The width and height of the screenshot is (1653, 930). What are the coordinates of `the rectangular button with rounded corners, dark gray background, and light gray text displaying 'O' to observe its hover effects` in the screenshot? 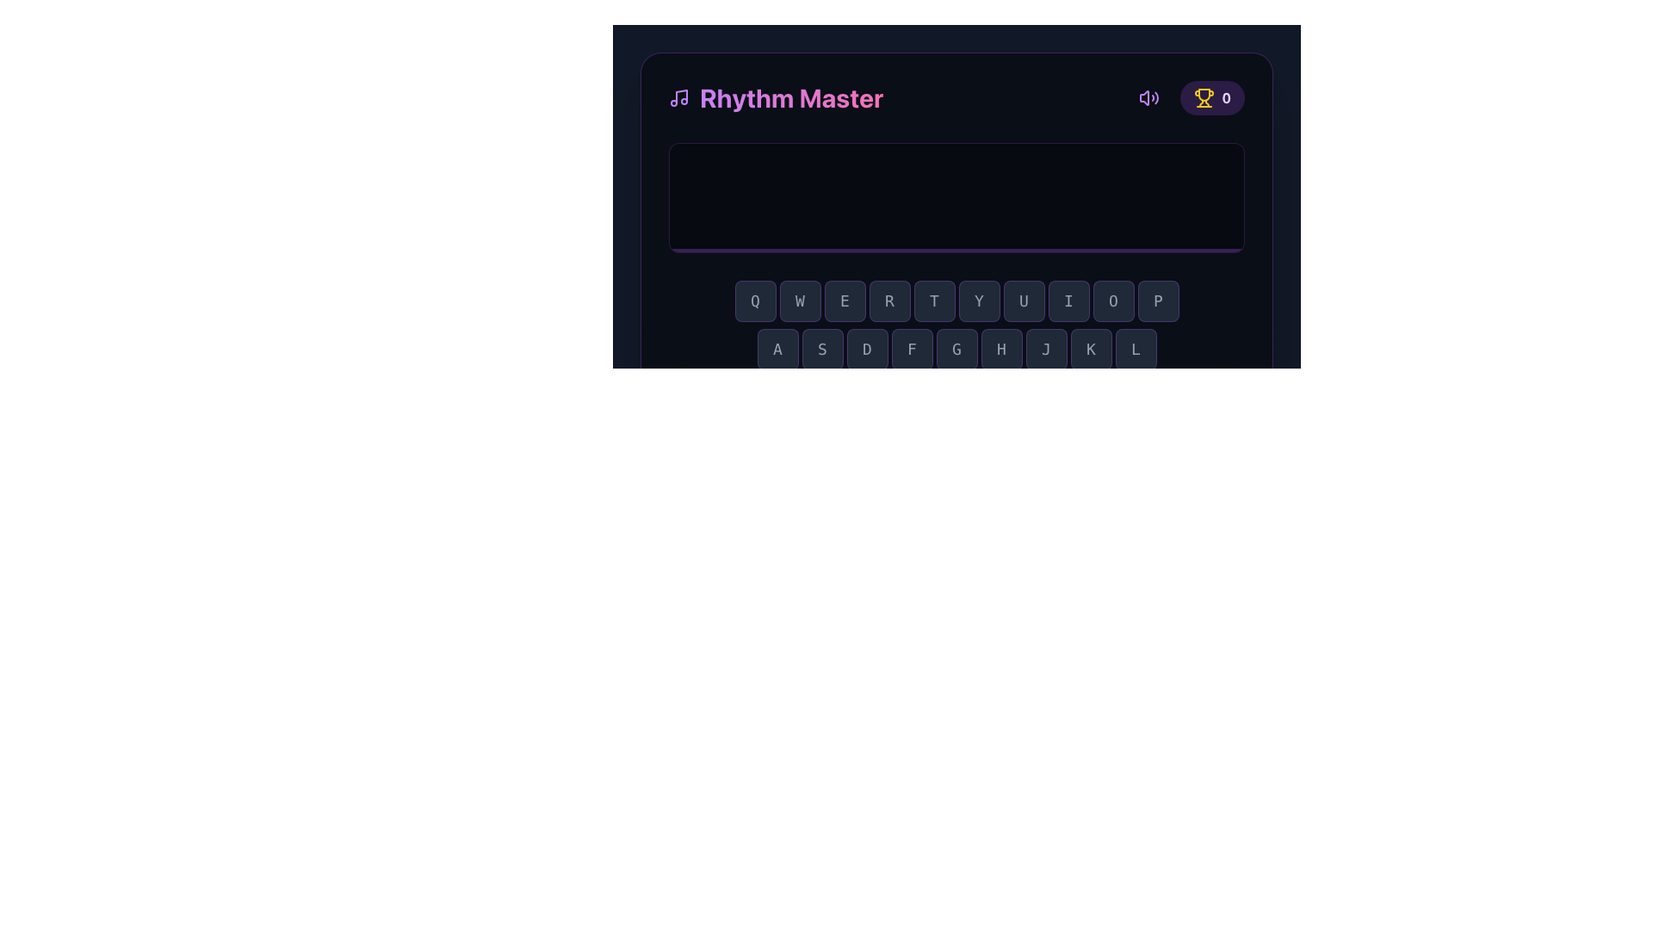 It's located at (1113, 301).